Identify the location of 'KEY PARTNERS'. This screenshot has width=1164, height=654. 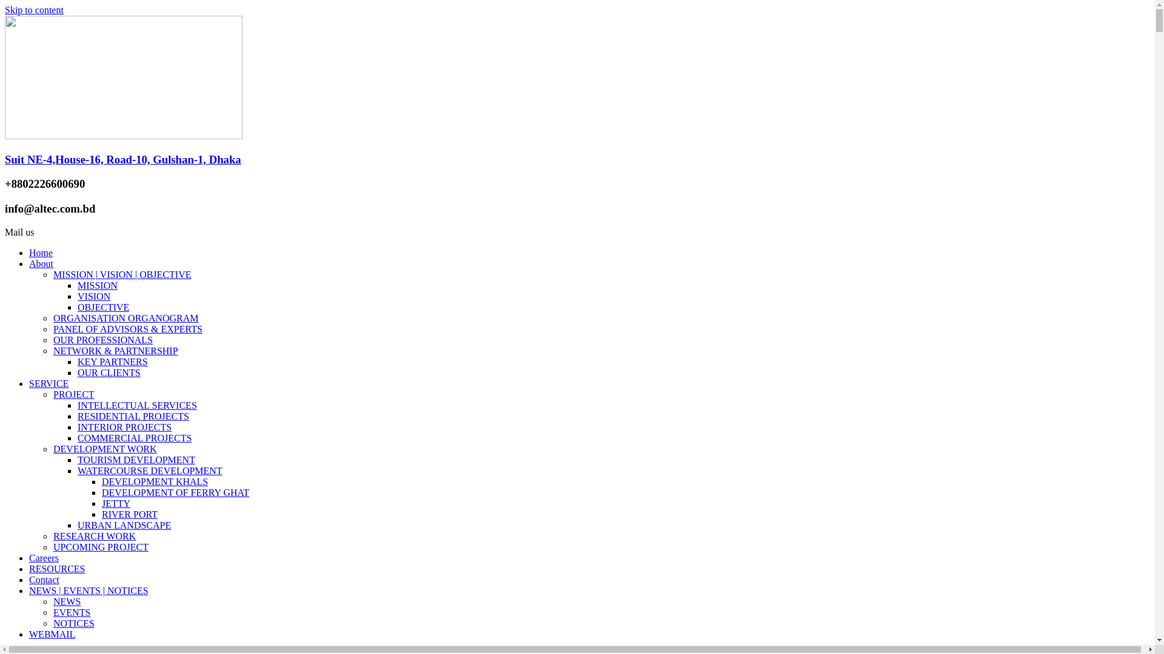
(113, 361).